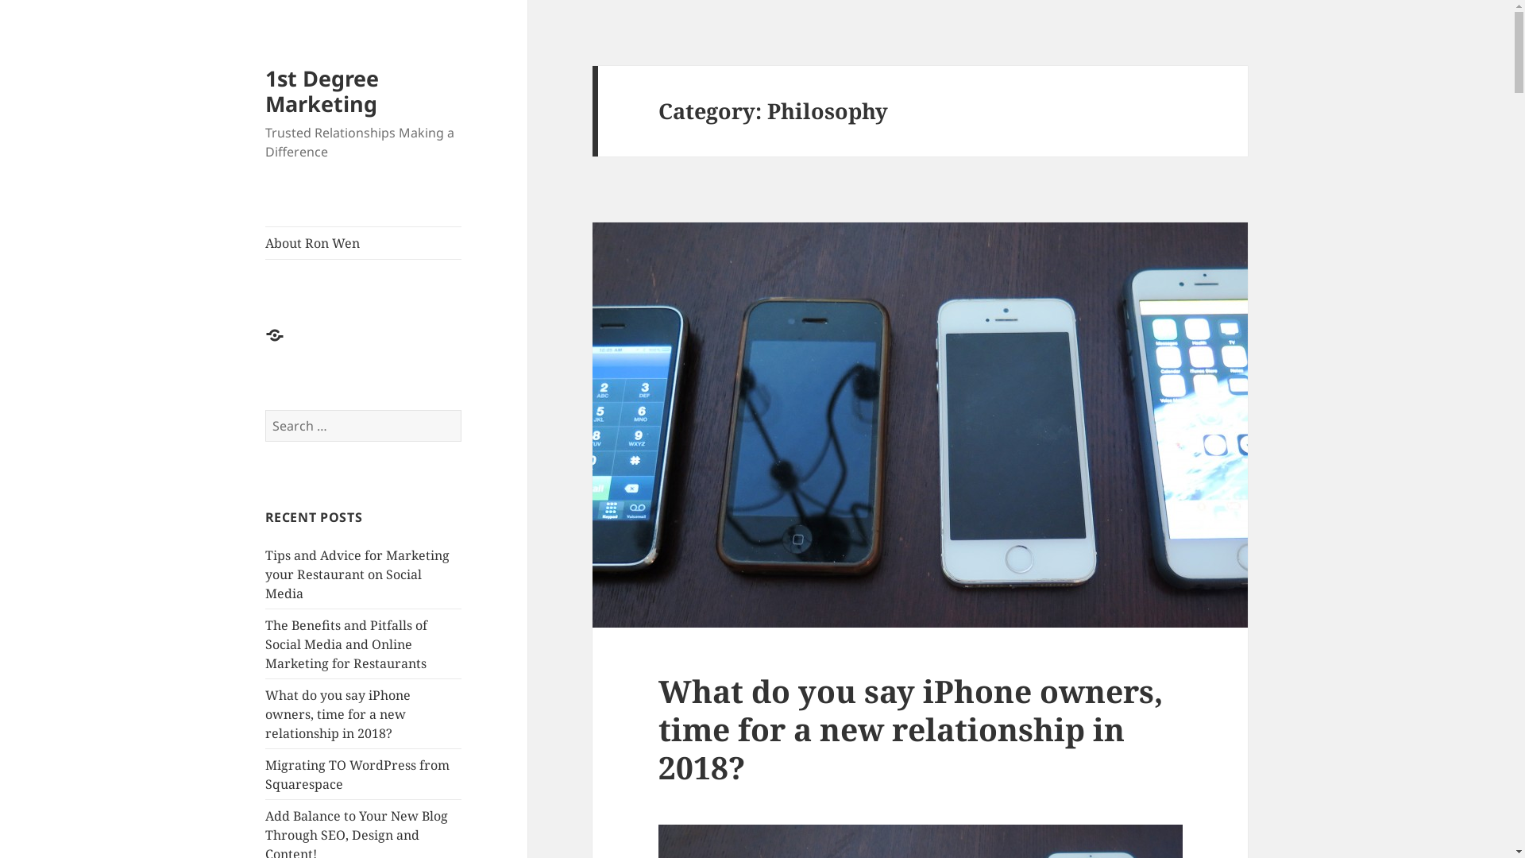  What do you see at coordinates (357, 774) in the screenshot?
I see `'Migrating TO WordPress from Squarespace'` at bounding box center [357, 774].